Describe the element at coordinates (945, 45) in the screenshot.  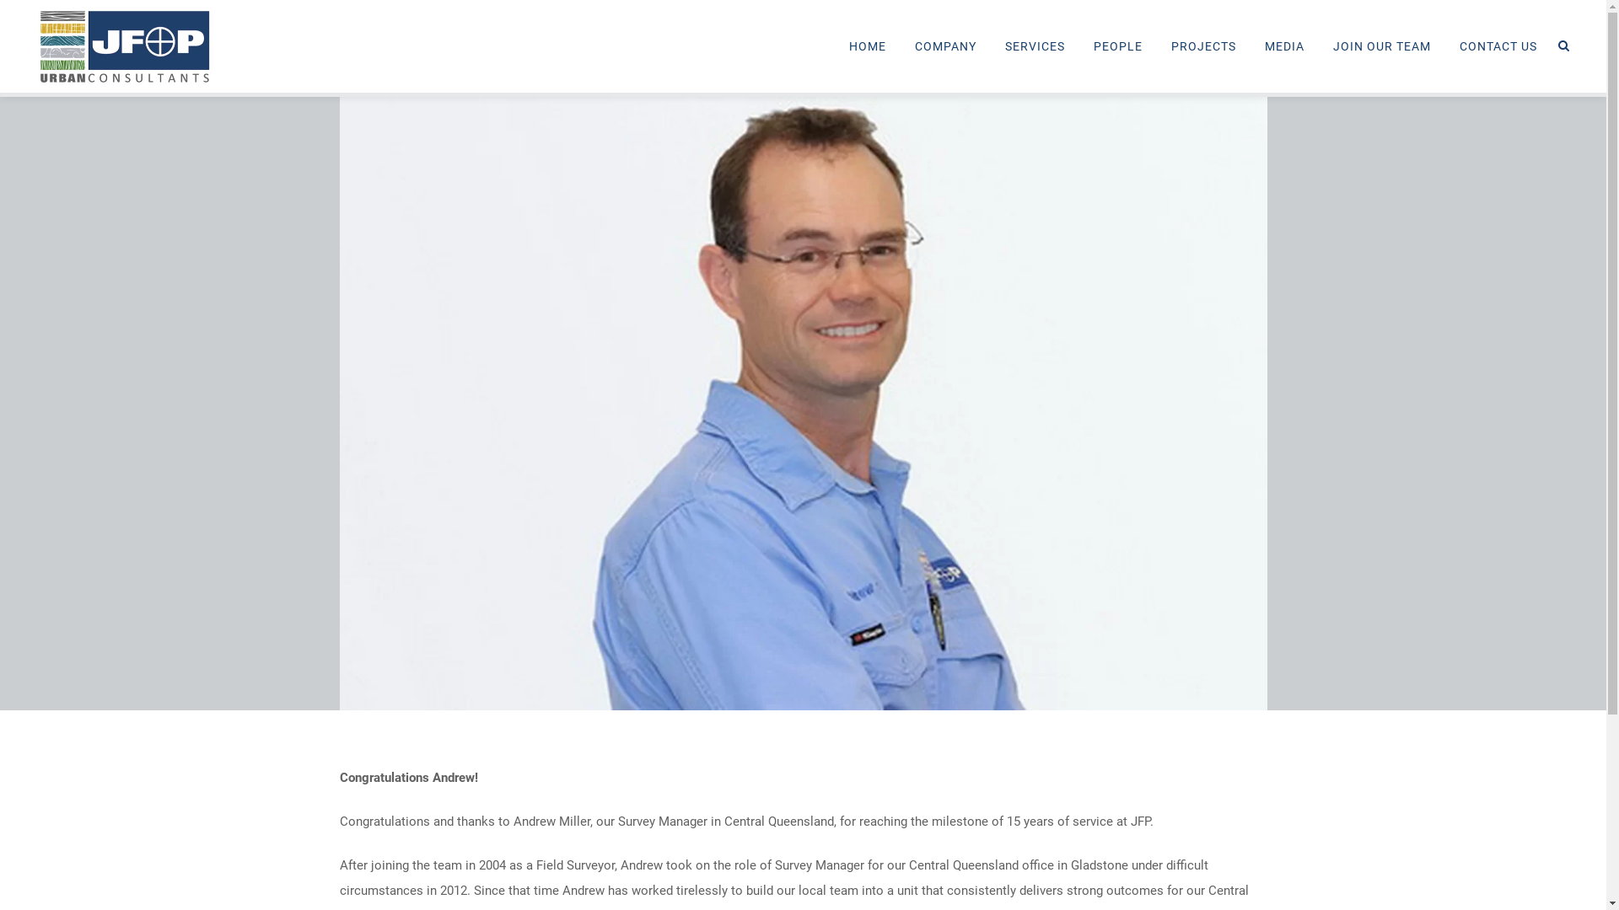
I see `'COMPANY'` at that location.